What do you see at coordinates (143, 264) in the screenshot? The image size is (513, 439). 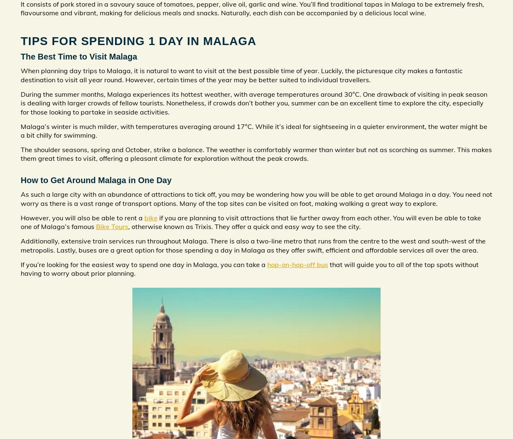 I see `'If you’re looking for the easiest way to spend one day in Malaga, you can take a'` at bounding box center [143, 264].